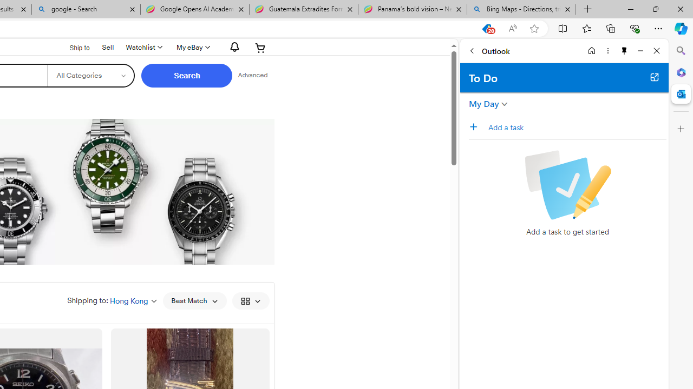 This screenshot has height=389, width=693. Describe the element at coordinates (653, 76) in the screenshot. I see `'Open in new tab'` at that location.